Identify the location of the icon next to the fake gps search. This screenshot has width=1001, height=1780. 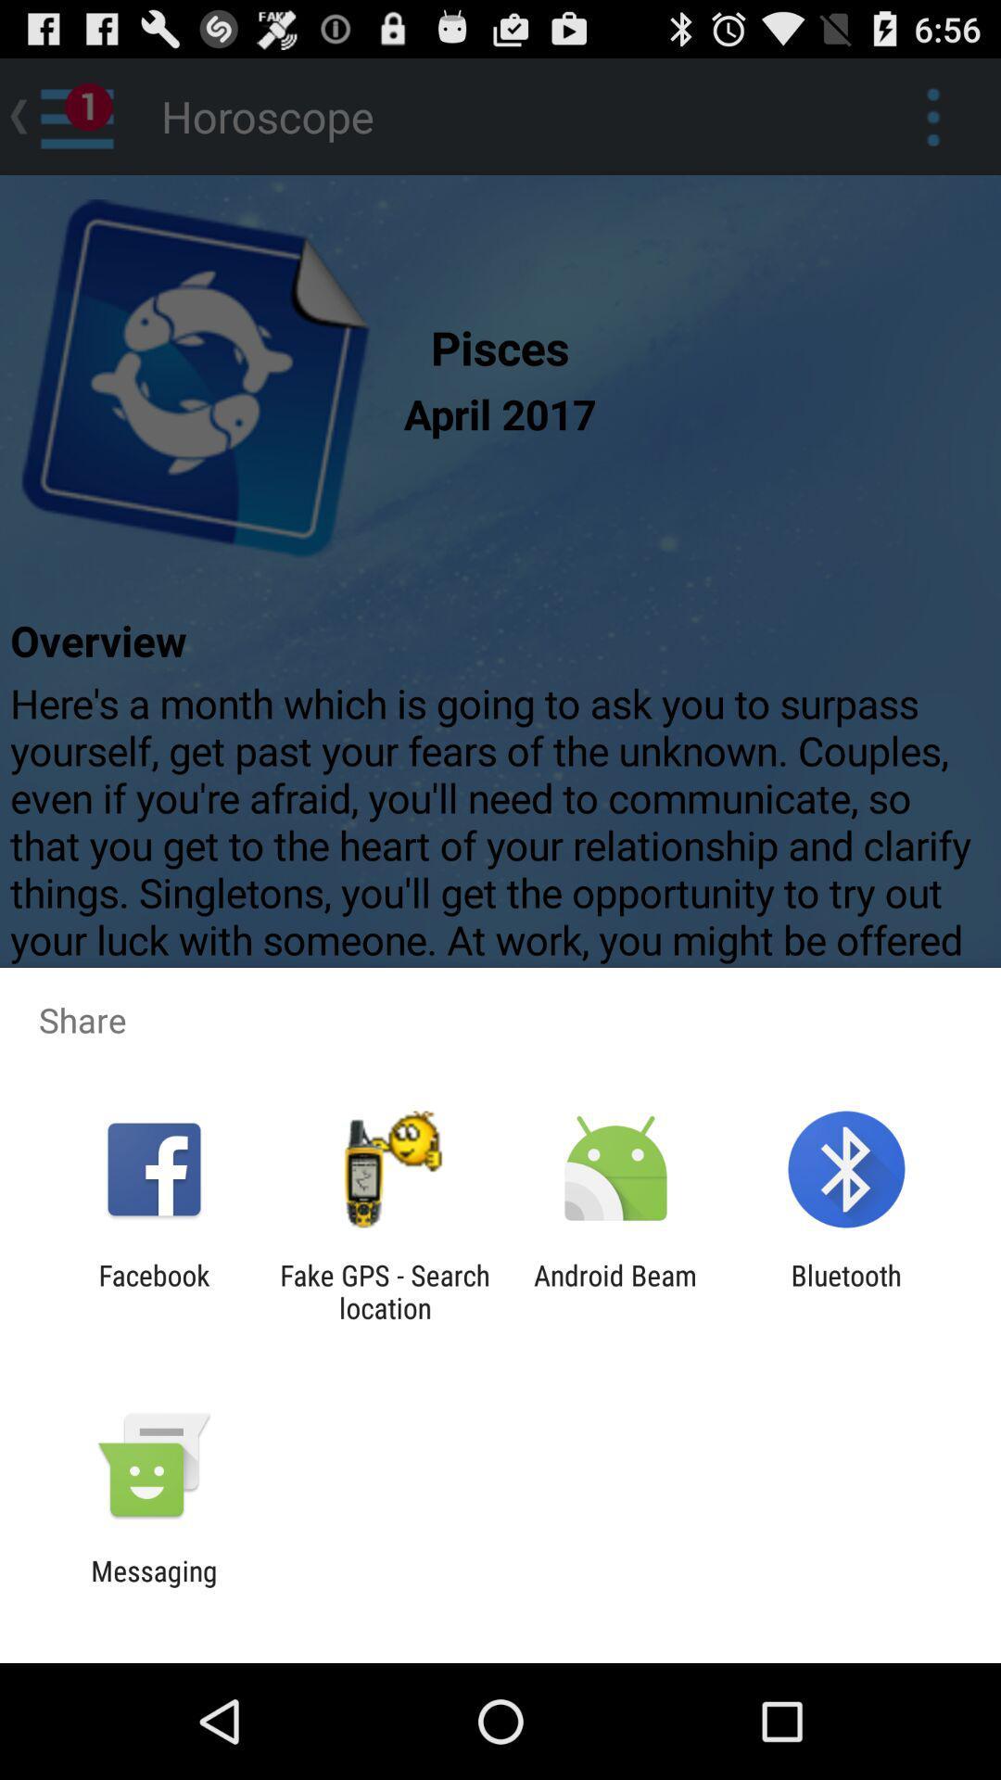
(153, 1290).